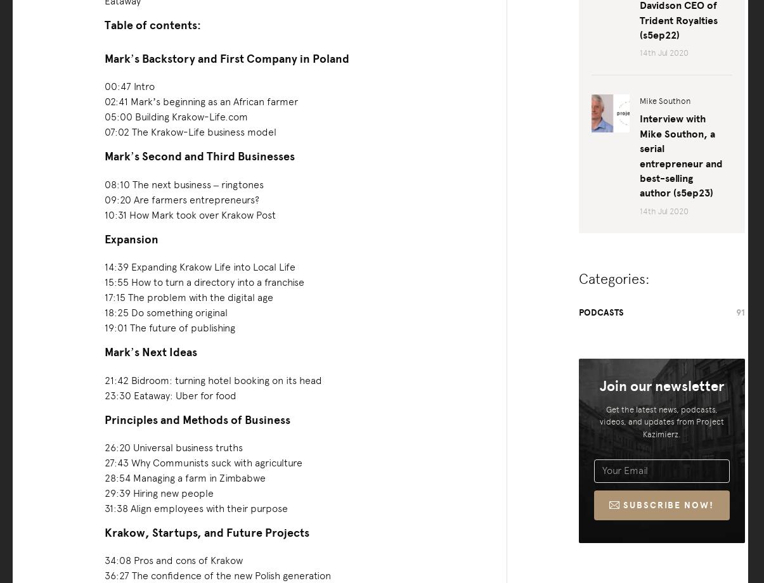 This screenshot has height=583, width=764. Describe the element at coordinates (158, 492) in the screenshot. I see `'29:39 Hiring new people'` at that location.